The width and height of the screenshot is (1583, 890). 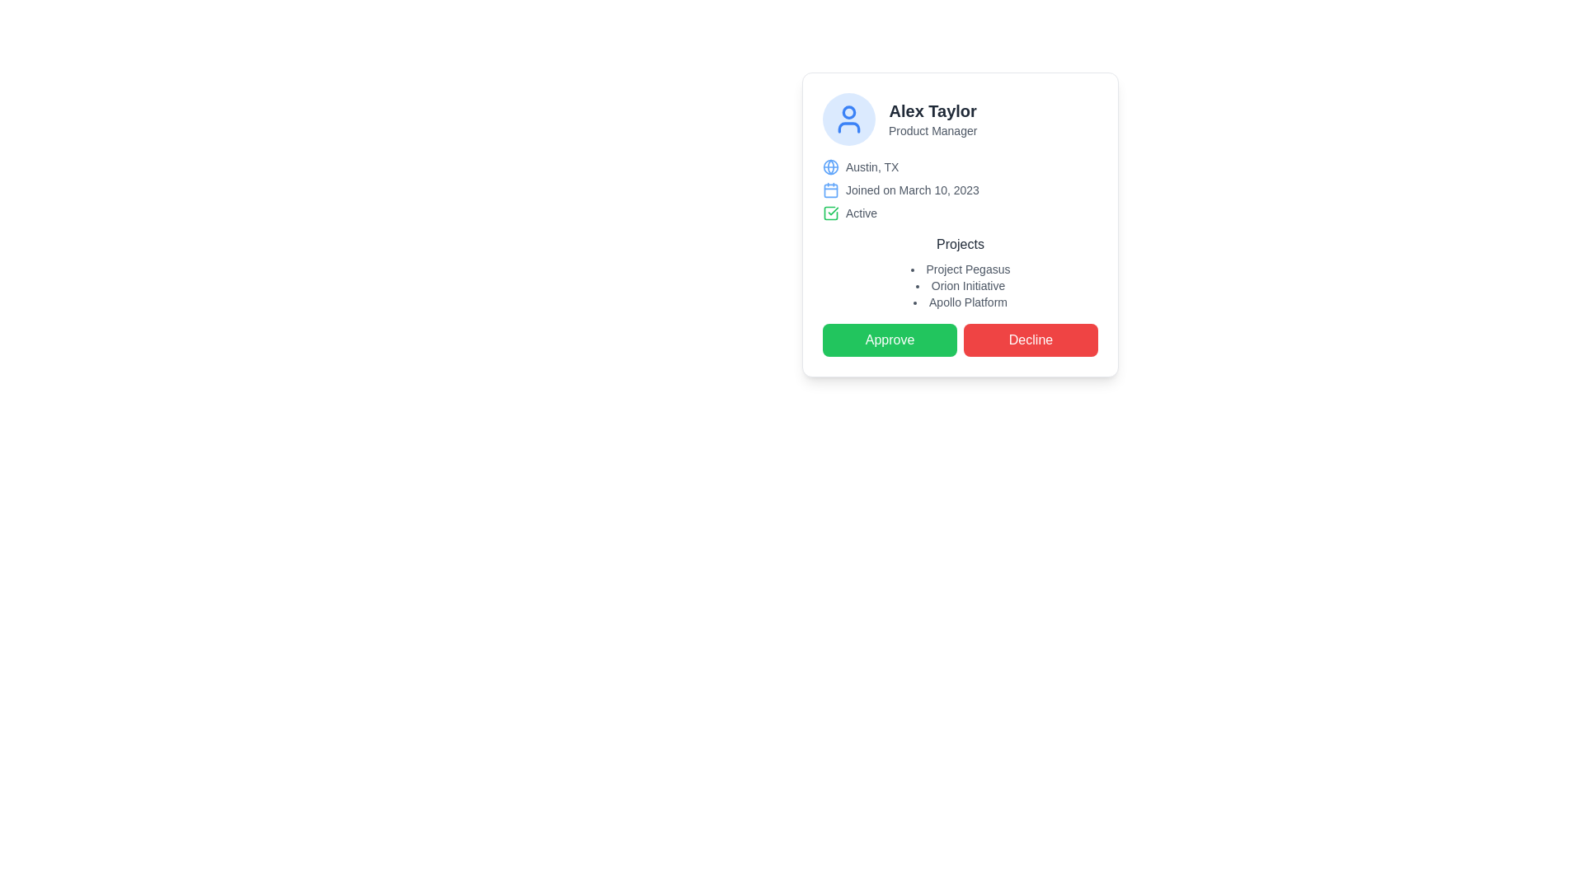 I want to click on the circular avatar icon with a blue silhouette of a user, located at the top left of the profile card, immediately to the left of the text 'Alex Taylor', so click(x=849, y=119).